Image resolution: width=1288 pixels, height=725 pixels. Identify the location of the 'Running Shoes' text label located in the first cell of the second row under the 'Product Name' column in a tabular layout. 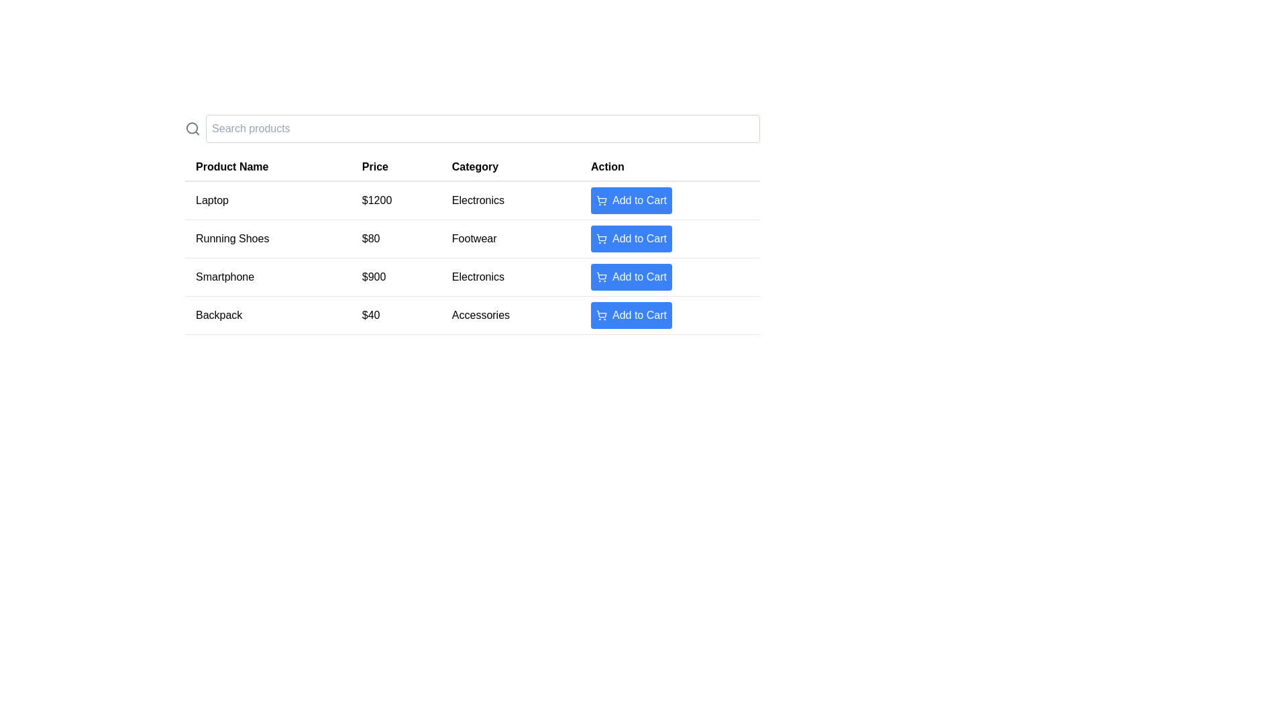
(268, 238).